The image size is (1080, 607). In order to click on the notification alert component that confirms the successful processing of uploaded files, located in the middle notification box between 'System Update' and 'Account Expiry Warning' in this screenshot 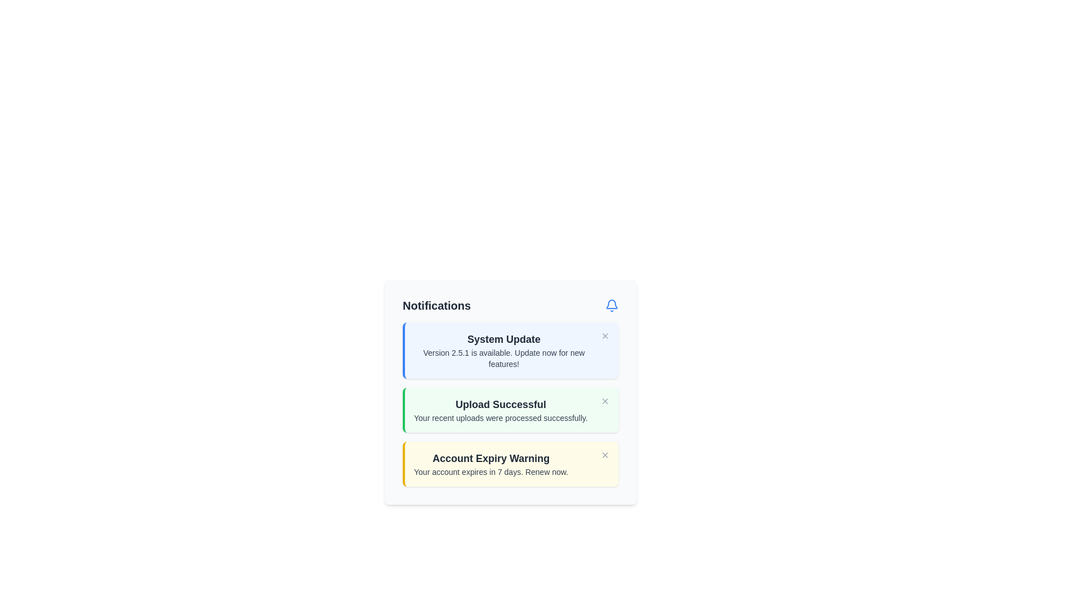, I will do `click(500, 410)`.